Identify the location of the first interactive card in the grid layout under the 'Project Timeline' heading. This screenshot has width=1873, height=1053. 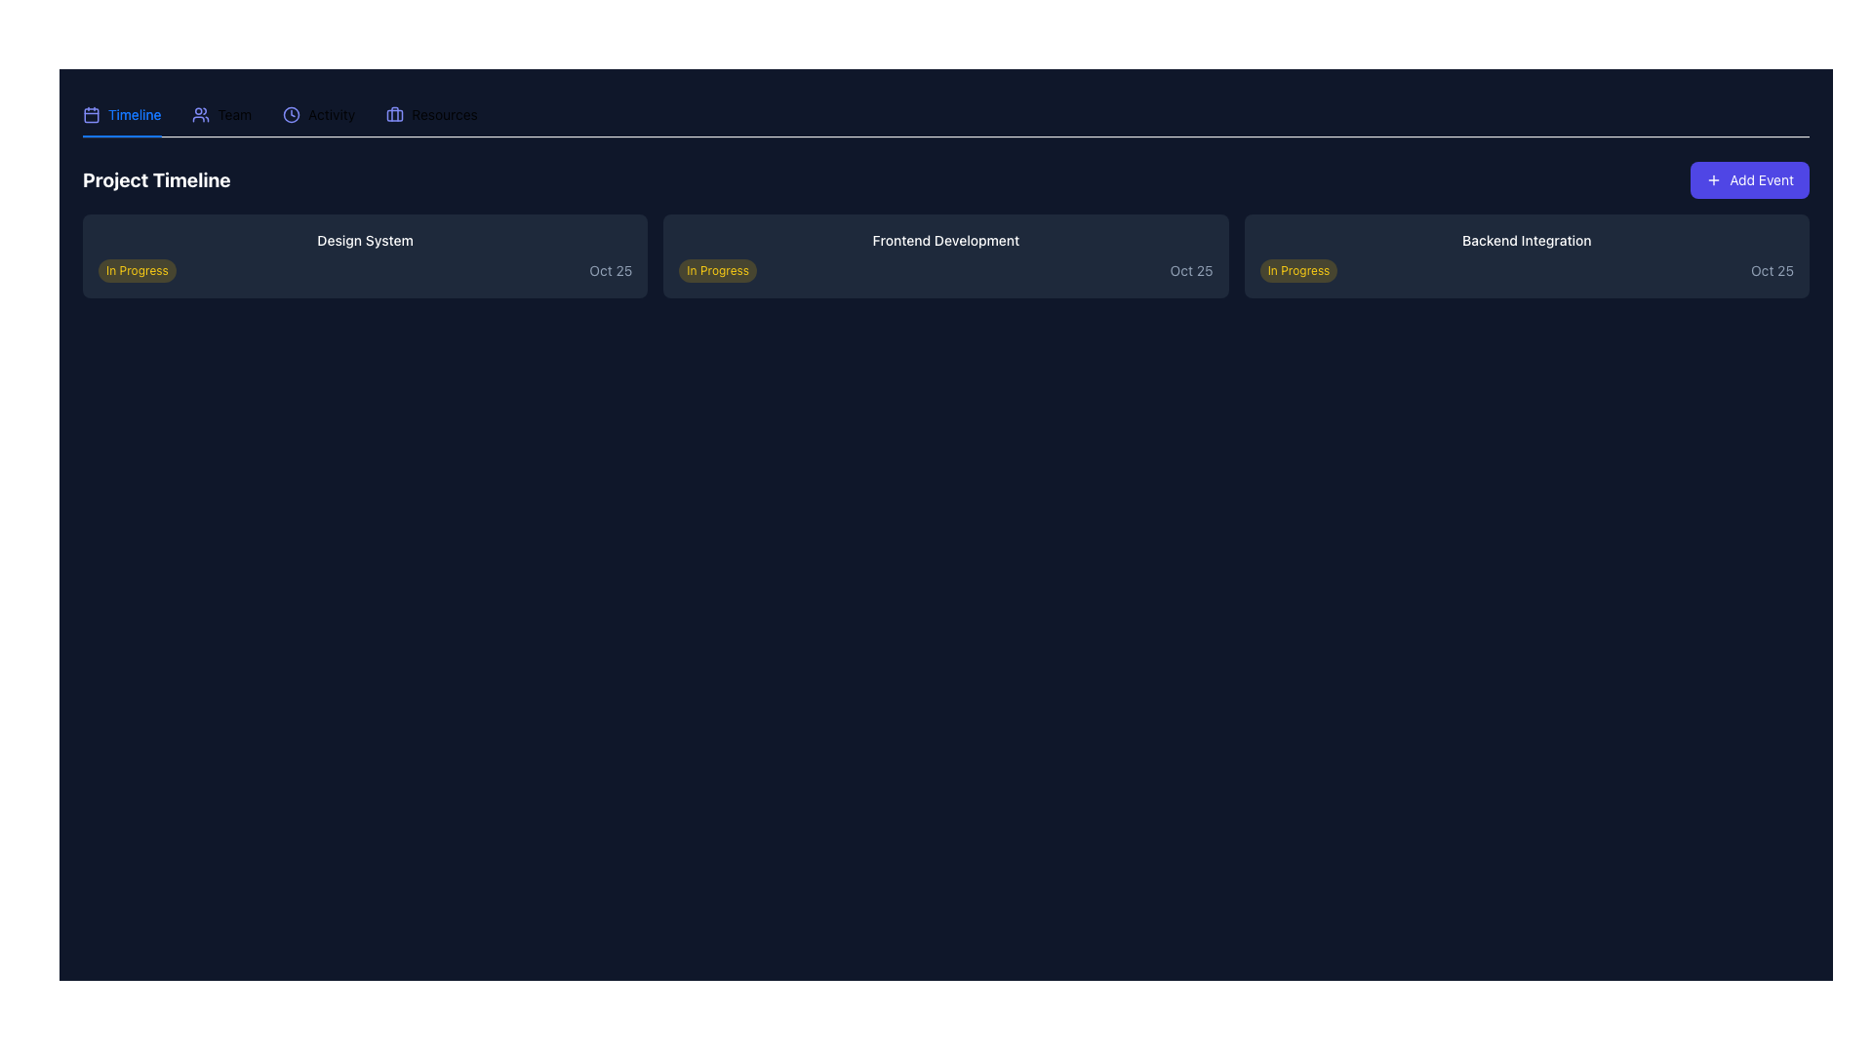
(365, 254).